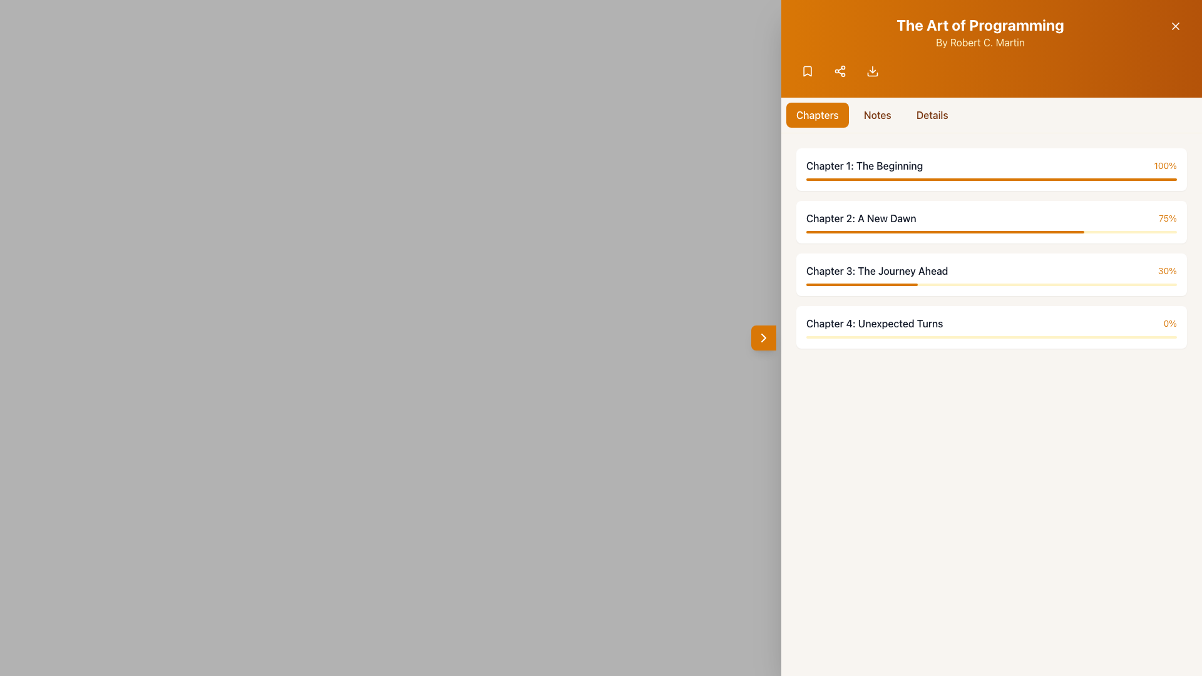 The image size is (1202, 676). What do you see at coordinates (808, 71) in the screenshot?
I see `the bookmark icon located in the top-right section of the orange header bar` at bounding box center [808, 71].